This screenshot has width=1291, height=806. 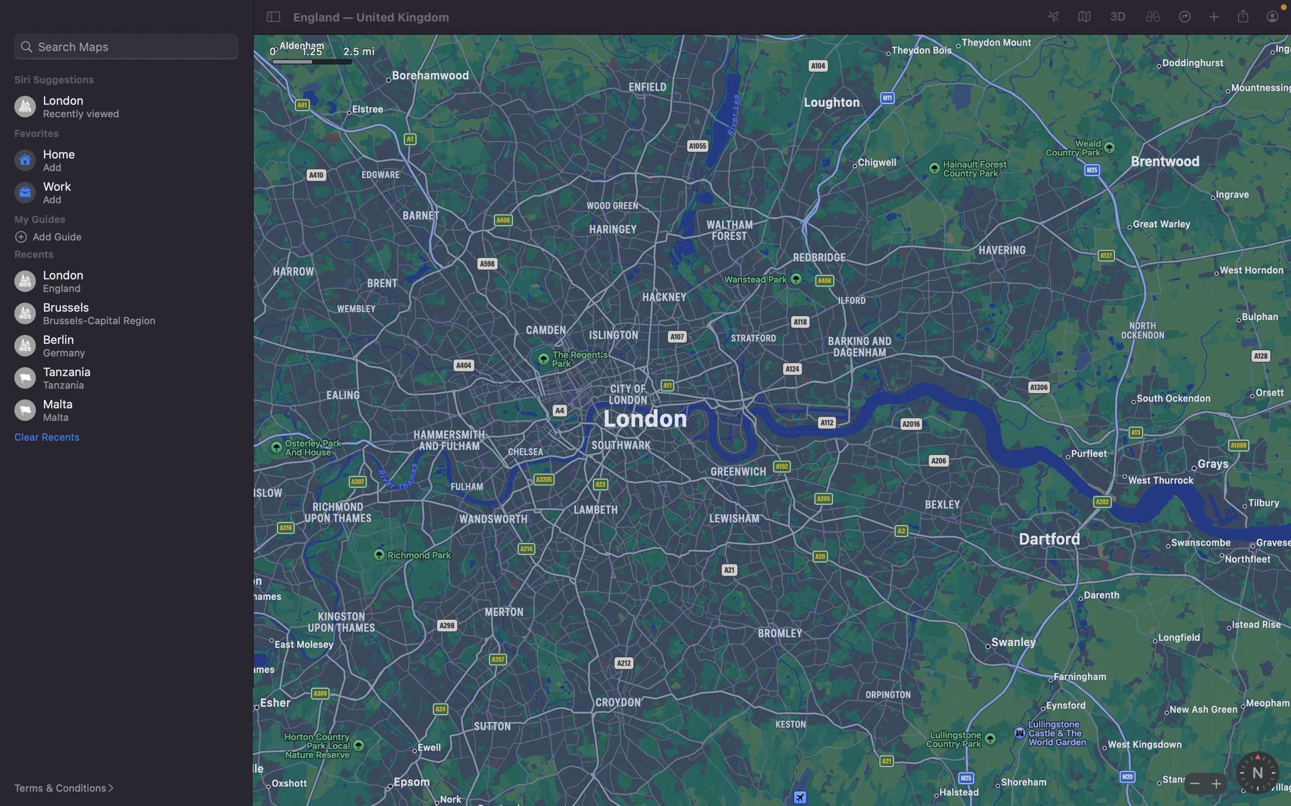 I want to click on Decrease magnification of the map, so click(x=1193, y=783).